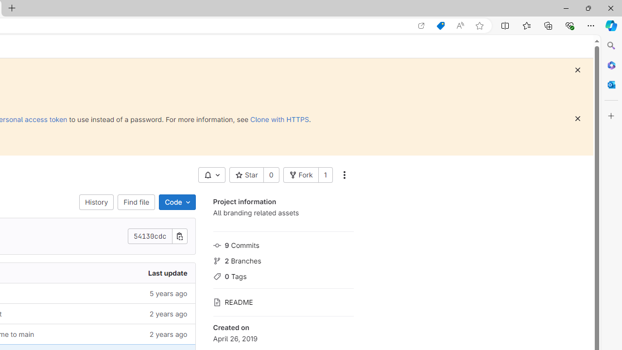 Image resolution: width=622 pixels, height=350 pixels. Describe the element at coordinates (440, 25) in the screenshot. I see `'Shopping in Microsoft Edge'` at that location.